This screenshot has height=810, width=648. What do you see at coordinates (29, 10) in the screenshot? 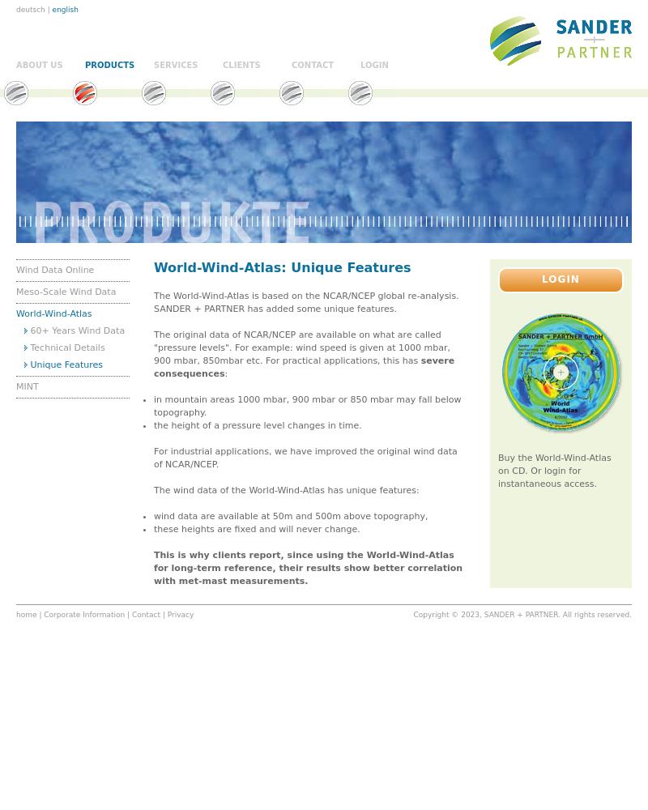
I see `'deutsch'` at bounding box center [29, 10].